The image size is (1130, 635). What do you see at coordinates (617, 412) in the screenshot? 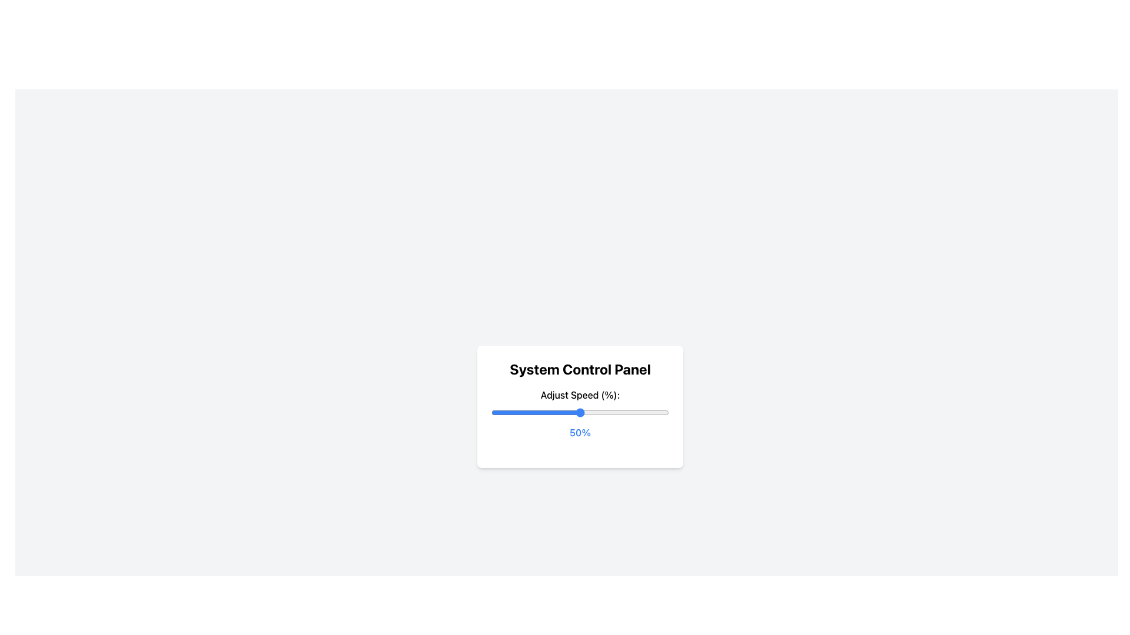
I see `the speed adjustment slider` at bounding box center [617, 412].